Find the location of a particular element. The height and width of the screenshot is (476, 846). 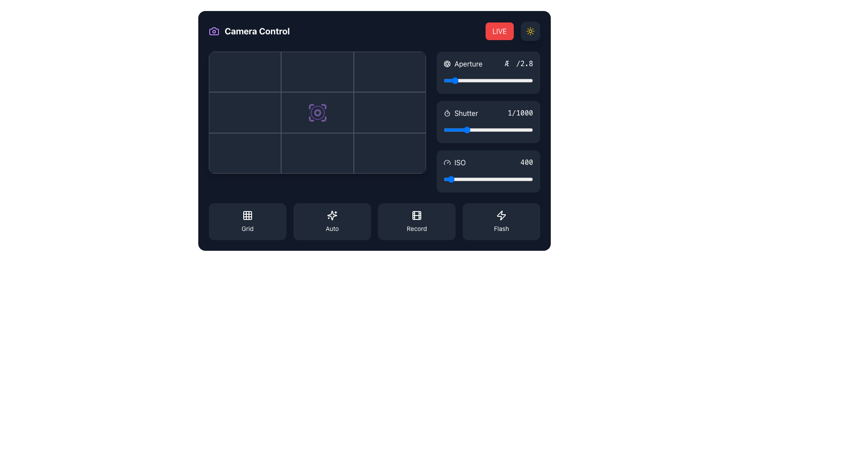

the shutter speed value is located at coordinates (469, 130).